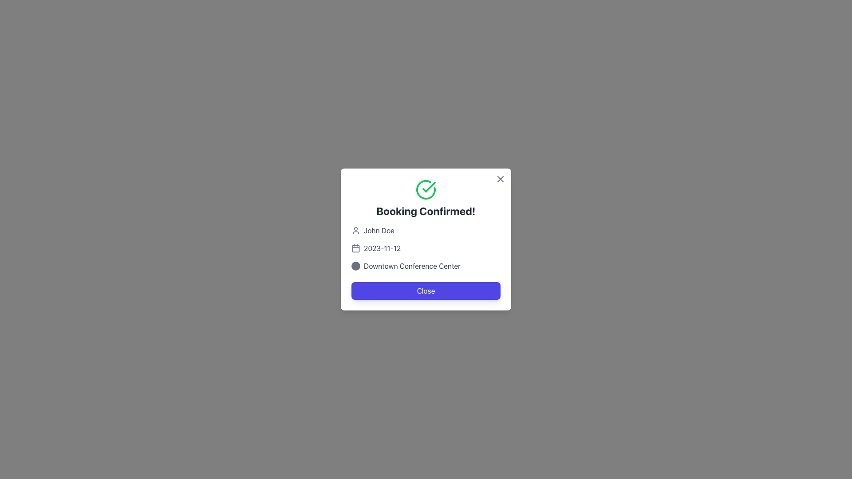 Image resolution: width=852 pixels, height=479 pixels. I want to click on the text element displaying the name of a person, located as the first item in the list of details in the modal dialog view, so click(379, 230).